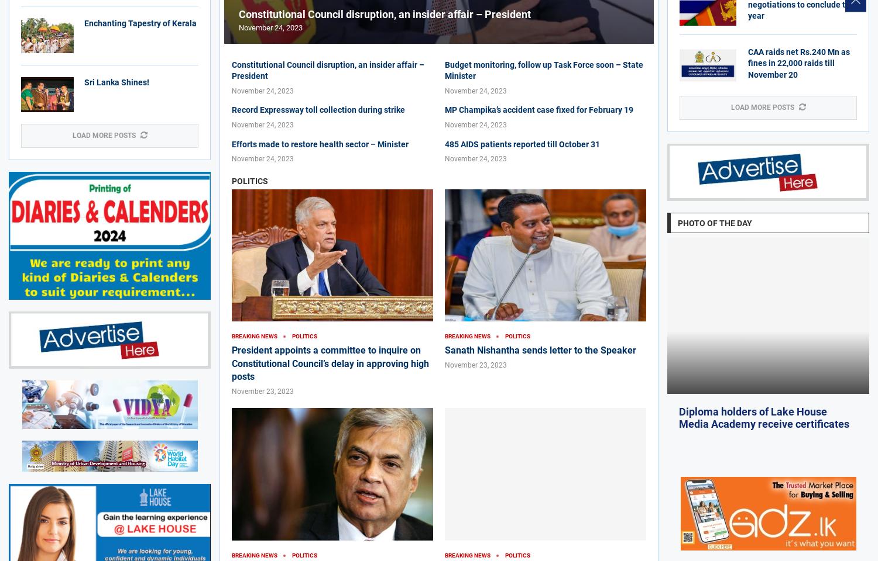 The image size is (878, 561). Describe the element at coordinates (320, 143) in the screenshot. I see `'Efforts made to restore health sector – Minister'` at that location.